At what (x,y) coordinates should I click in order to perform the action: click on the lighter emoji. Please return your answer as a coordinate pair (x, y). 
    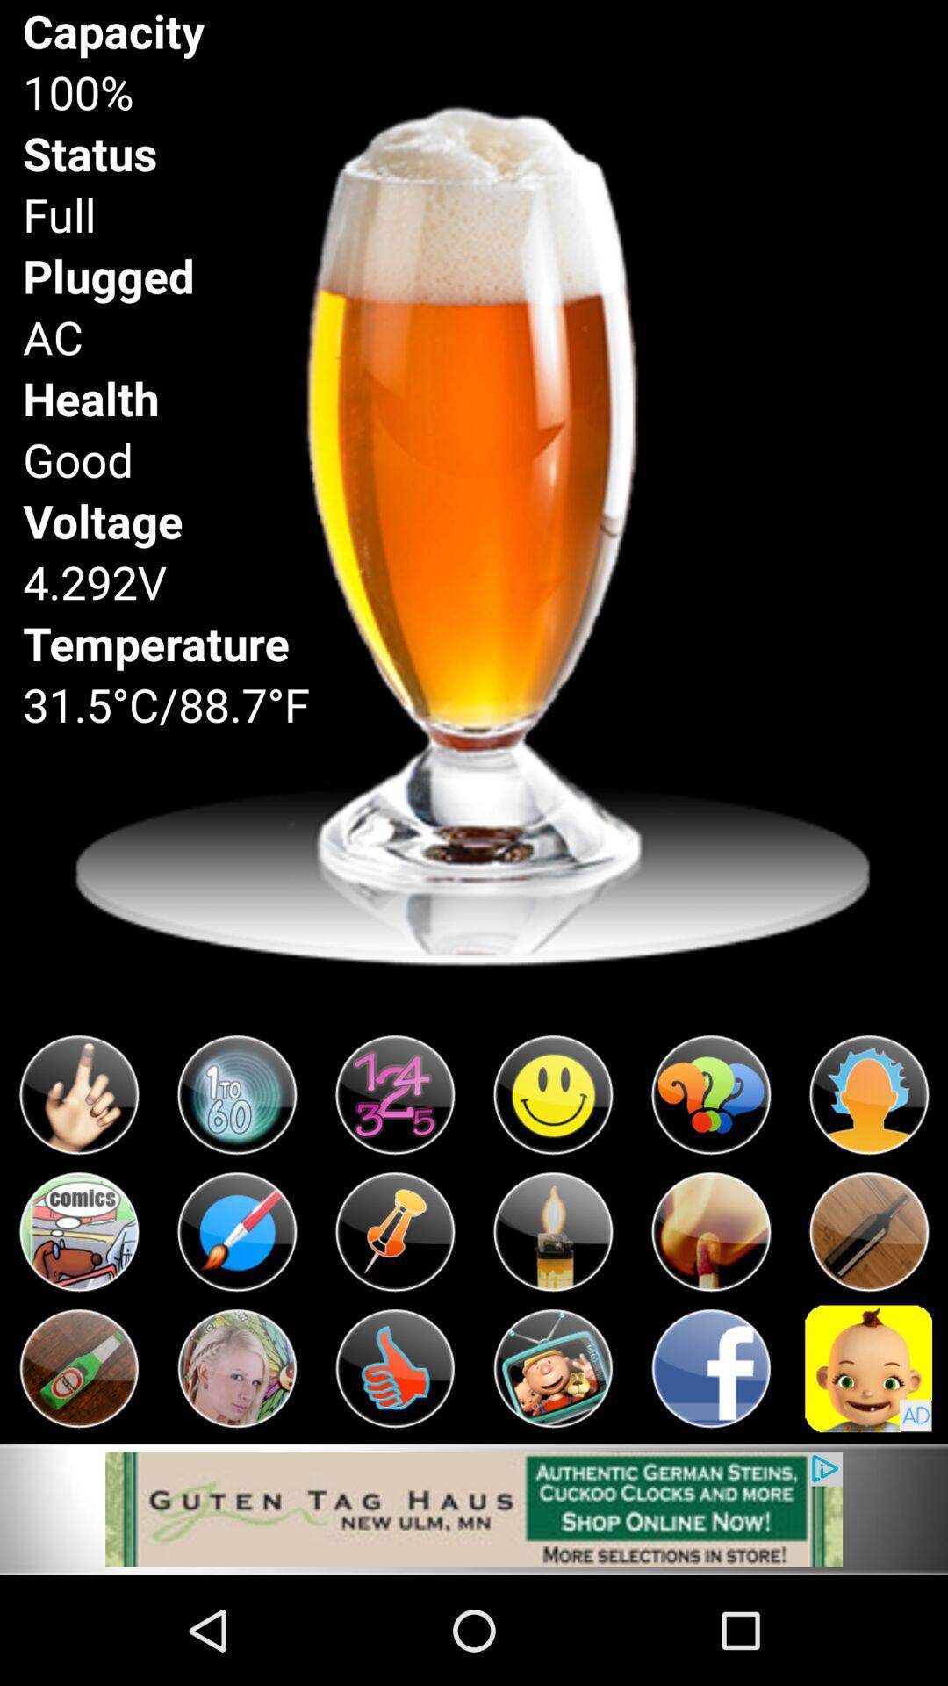
    Looking at the image, I should click on (551, 1231).